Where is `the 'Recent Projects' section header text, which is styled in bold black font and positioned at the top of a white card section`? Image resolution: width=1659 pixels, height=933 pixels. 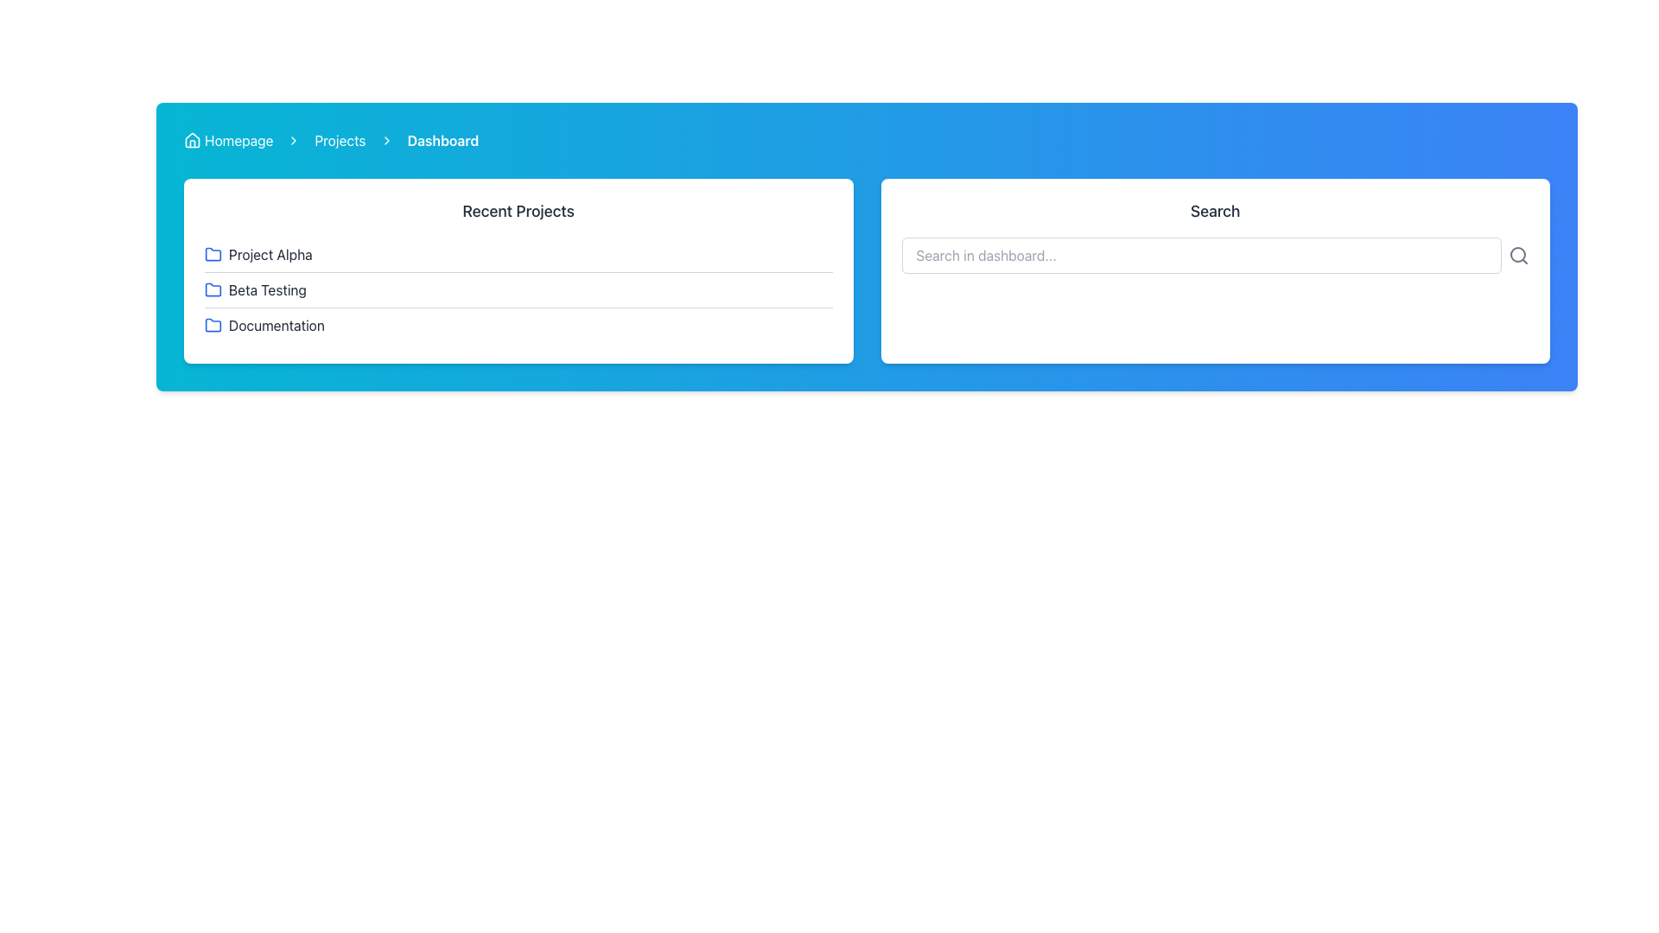
the 'Recent Projects' section header text, which is styled in bold black font and positioned at the top of a white card section is located at coordinates (518, 211).